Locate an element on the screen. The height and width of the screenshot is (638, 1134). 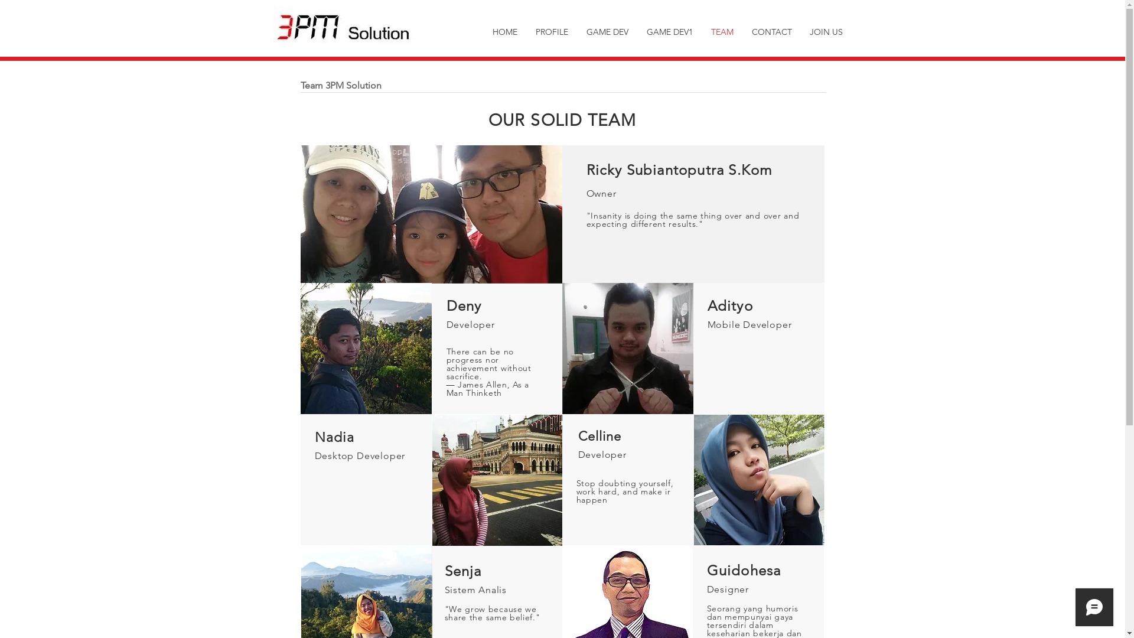
'GAME DEV1' is located at coordinates (670, 31).